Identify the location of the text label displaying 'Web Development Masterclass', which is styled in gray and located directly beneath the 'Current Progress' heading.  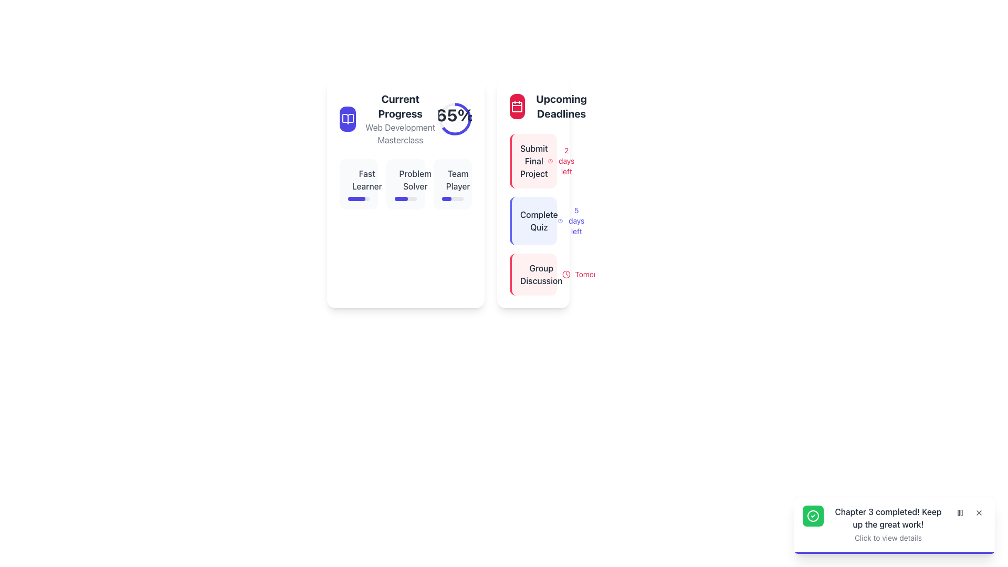
(400, 133).